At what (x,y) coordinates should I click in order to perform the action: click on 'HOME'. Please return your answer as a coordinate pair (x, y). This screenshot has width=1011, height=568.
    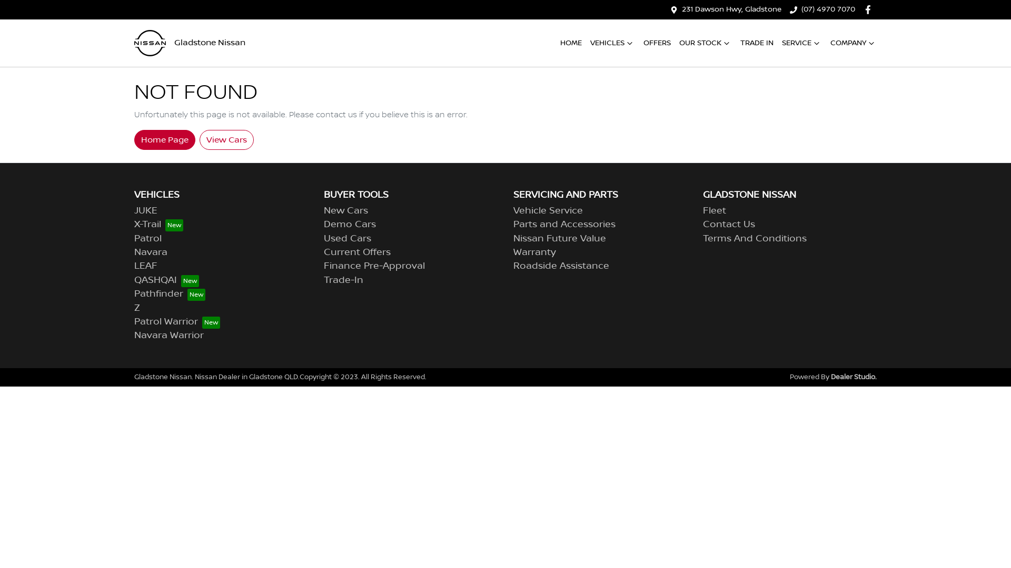
    Looking at the image, I should click on (570, 43).